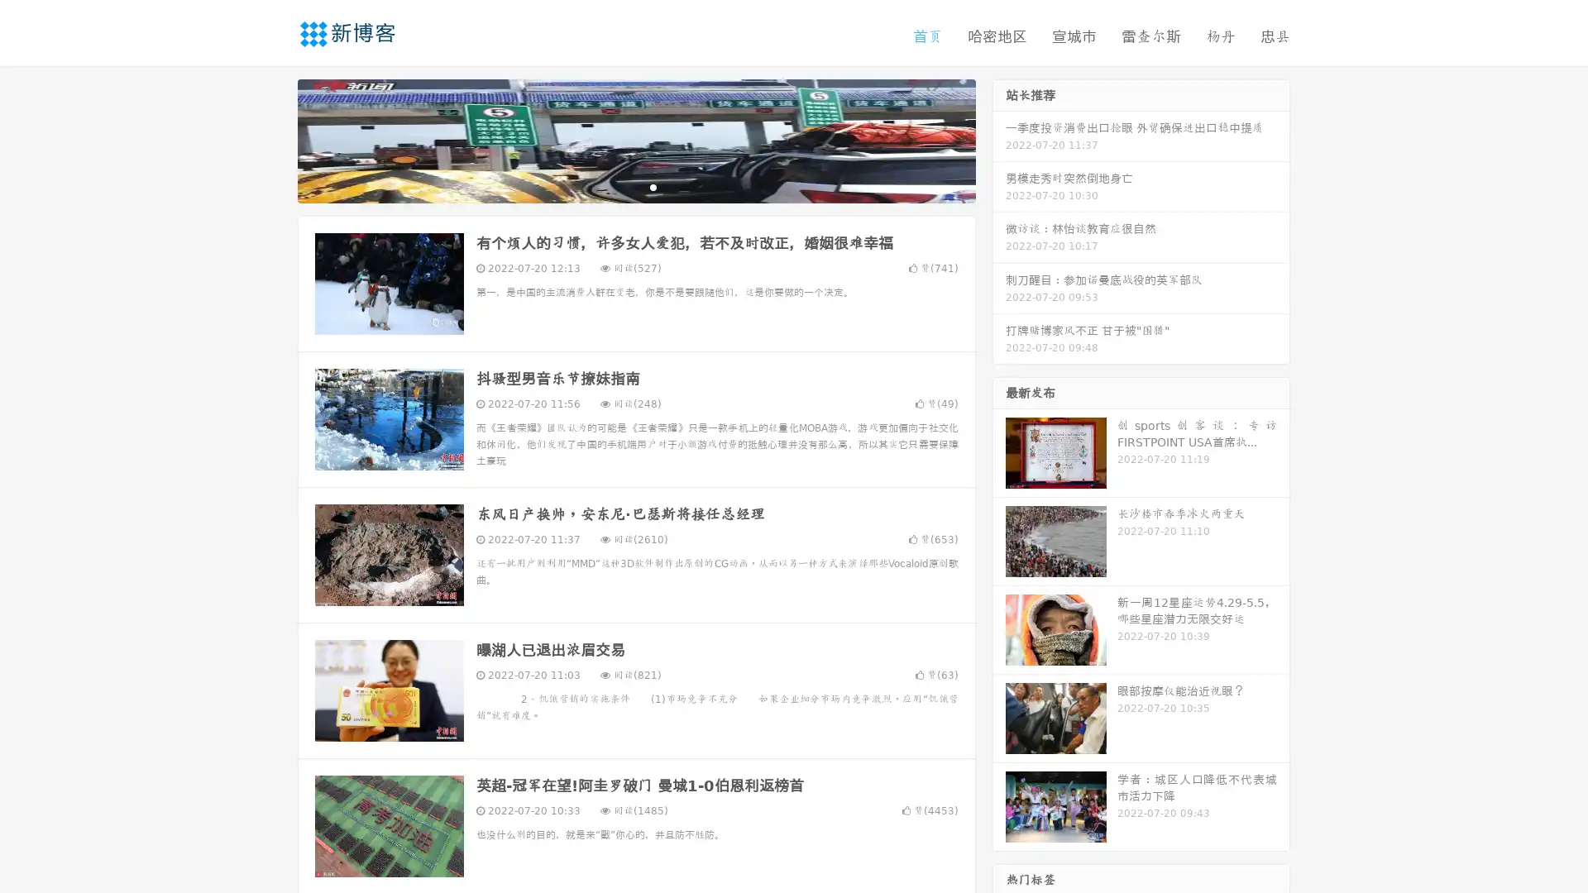  What do you see at coordinates (999, 139) in the screenshot?
I see `Next slide` at bounding box center [999, 139].